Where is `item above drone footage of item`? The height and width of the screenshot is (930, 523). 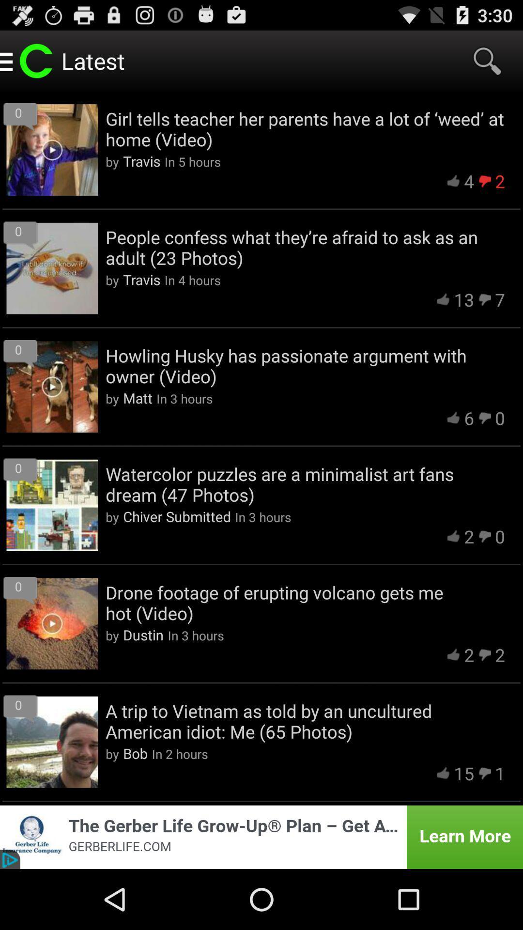
item above drone footage of item is located at coordinates (177, 516).